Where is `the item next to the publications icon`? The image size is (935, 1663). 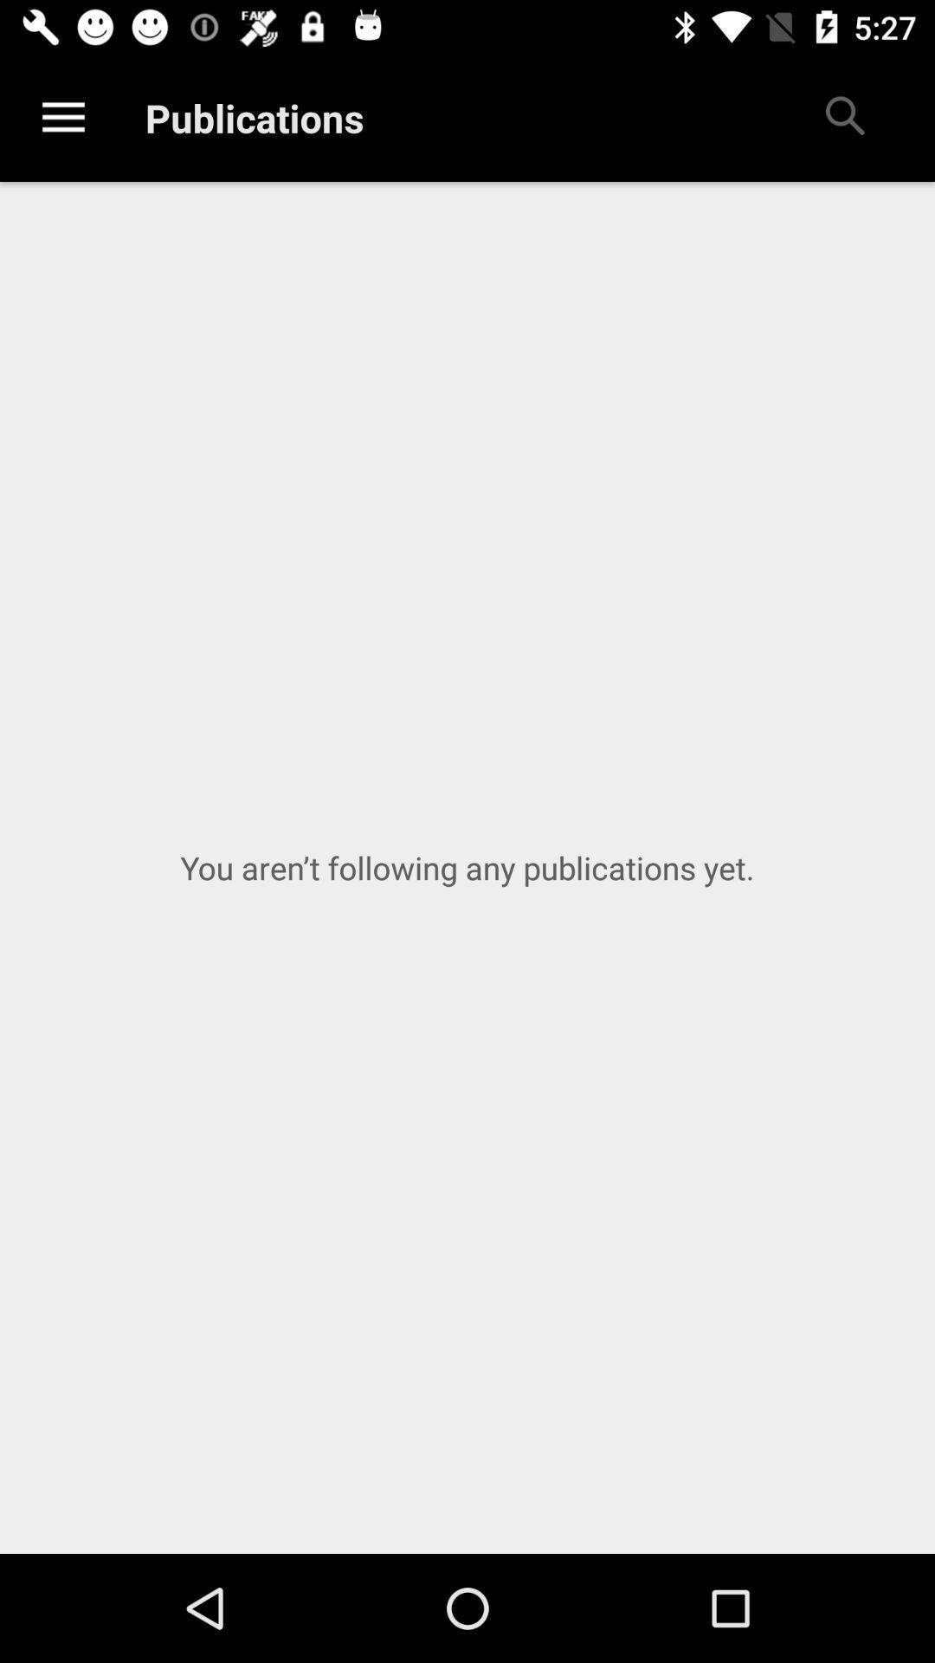
the item next to the publications icon is located at coordinates (62, 117).